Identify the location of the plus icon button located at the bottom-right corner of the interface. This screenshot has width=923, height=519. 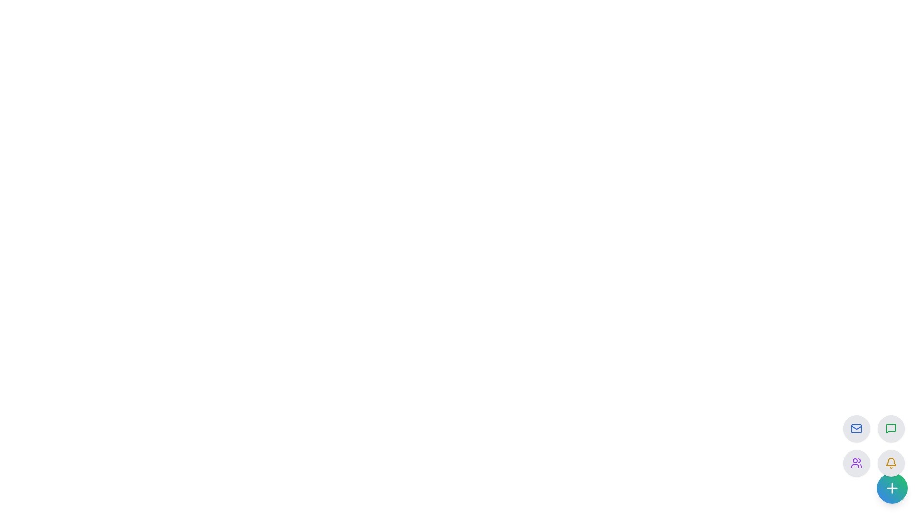
(892, 488).